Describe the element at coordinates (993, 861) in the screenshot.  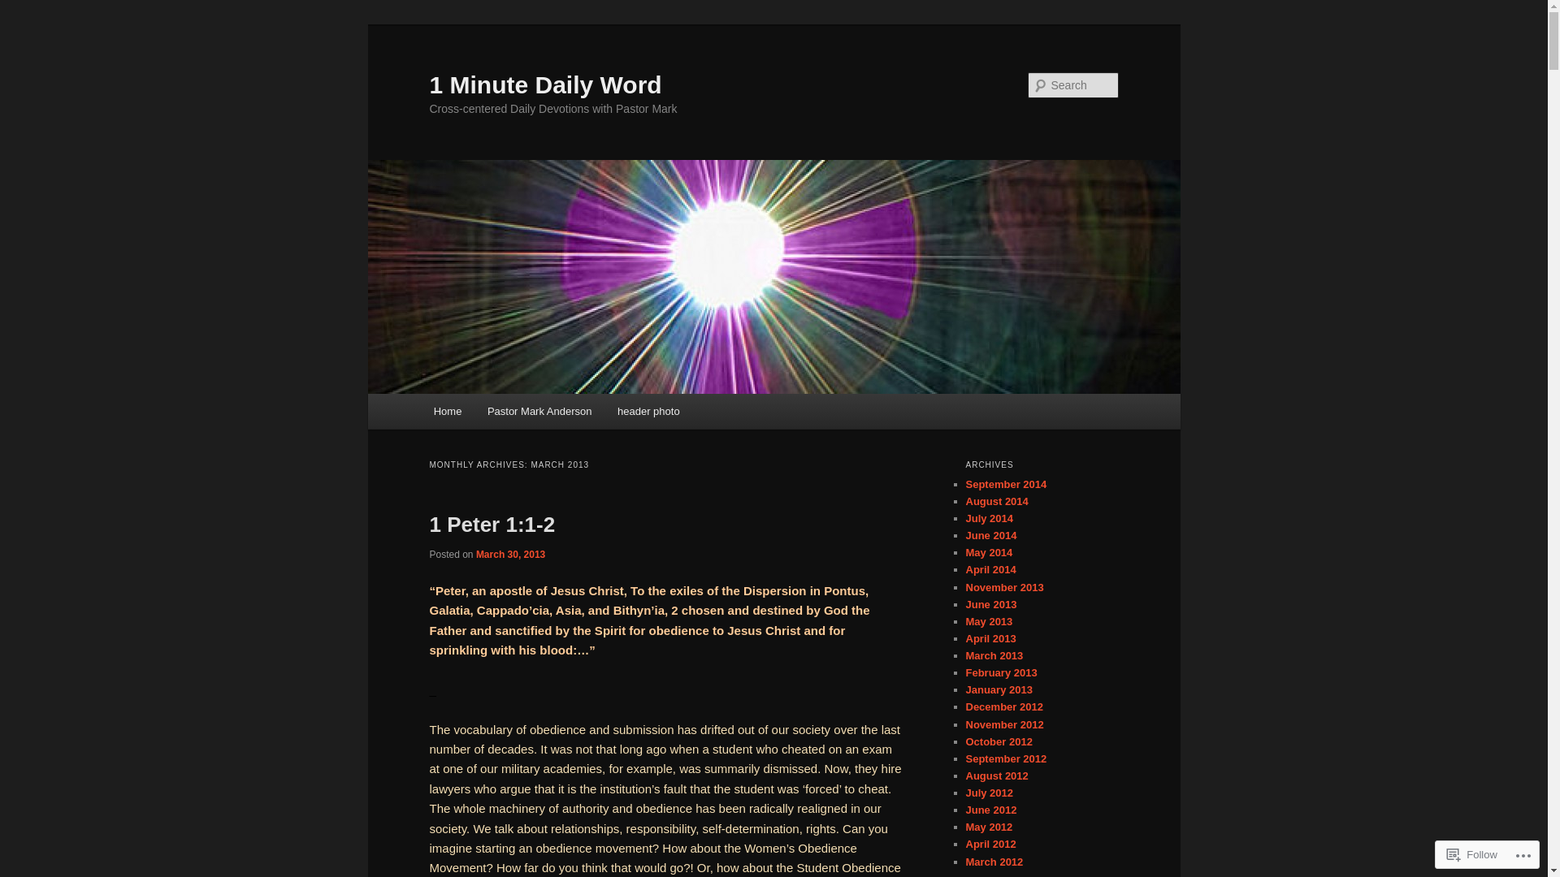
I see `'March 2012'` at that location.